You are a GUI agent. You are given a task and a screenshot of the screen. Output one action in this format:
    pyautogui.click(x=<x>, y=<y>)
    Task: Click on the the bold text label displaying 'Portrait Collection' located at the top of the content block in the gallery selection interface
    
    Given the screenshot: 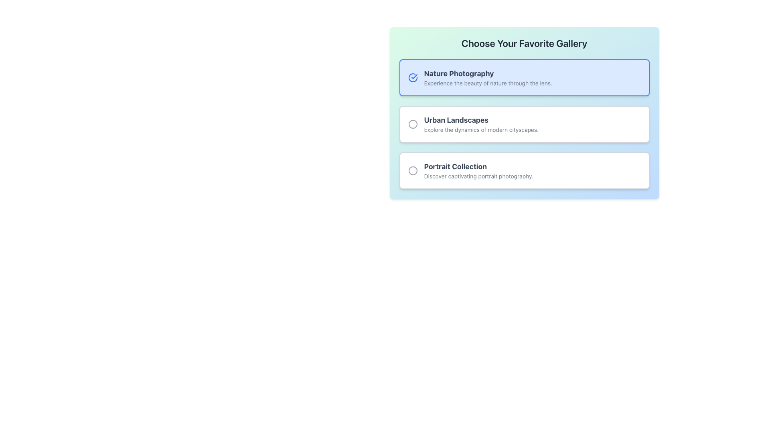 What is the action you would take?
    pyautogui.click(x=478, y=166)
    